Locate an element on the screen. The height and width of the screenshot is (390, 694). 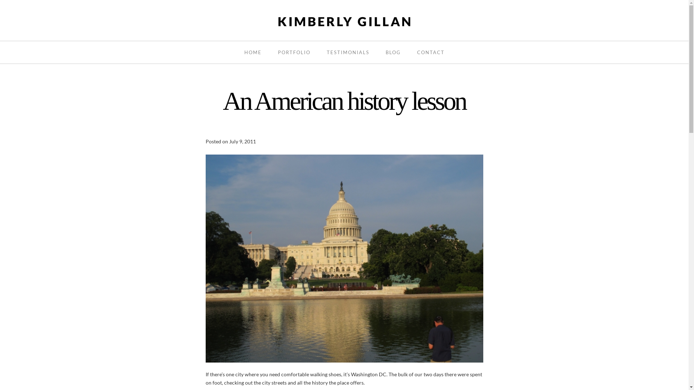
'HOME' is located at coordinates (253, 52).